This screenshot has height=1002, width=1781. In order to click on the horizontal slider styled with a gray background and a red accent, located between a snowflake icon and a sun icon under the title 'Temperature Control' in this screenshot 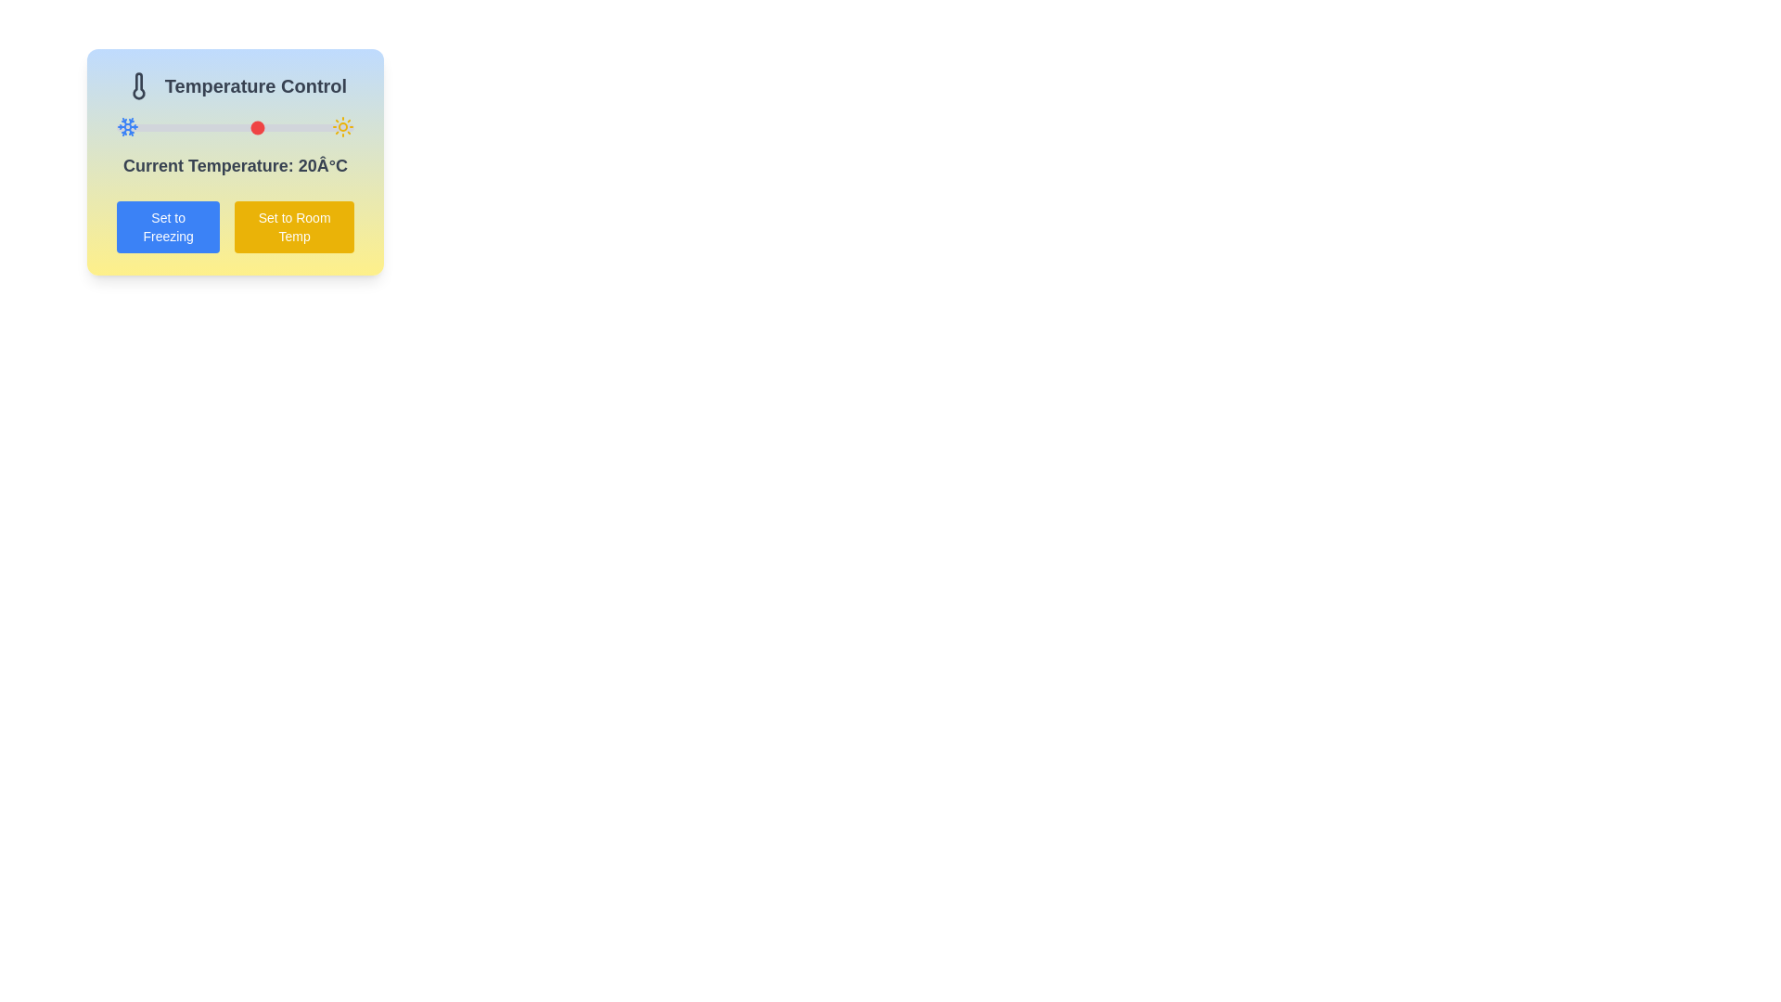, I will do `click(235, 127)`.